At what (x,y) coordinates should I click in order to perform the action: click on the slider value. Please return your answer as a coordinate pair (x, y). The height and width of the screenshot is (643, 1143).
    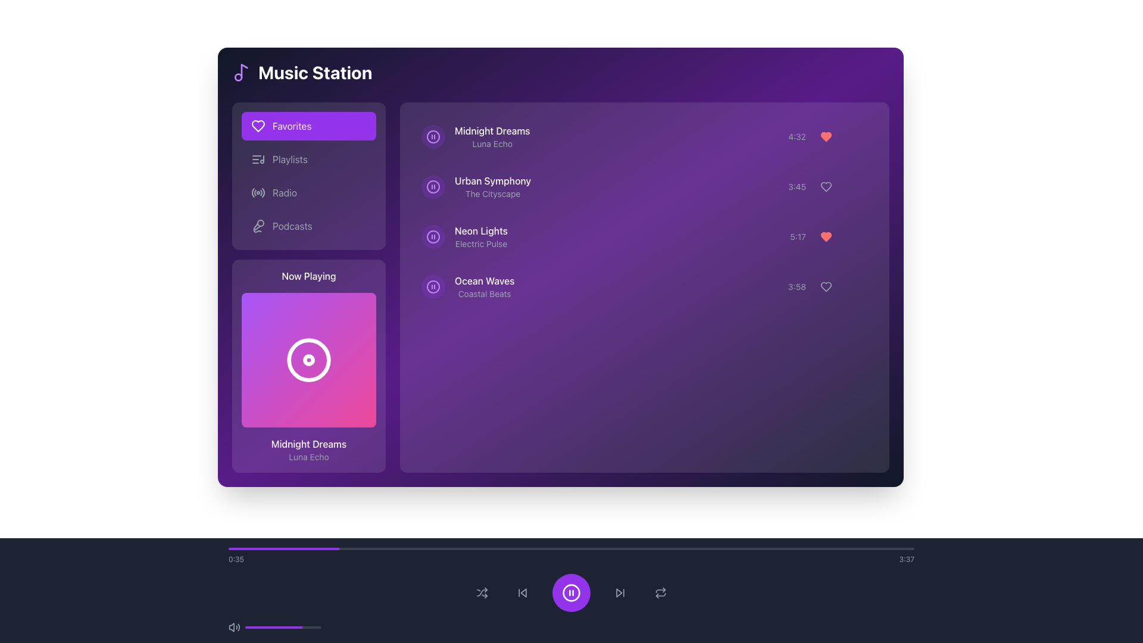
    Looking at the image, I should click on (320, 626).